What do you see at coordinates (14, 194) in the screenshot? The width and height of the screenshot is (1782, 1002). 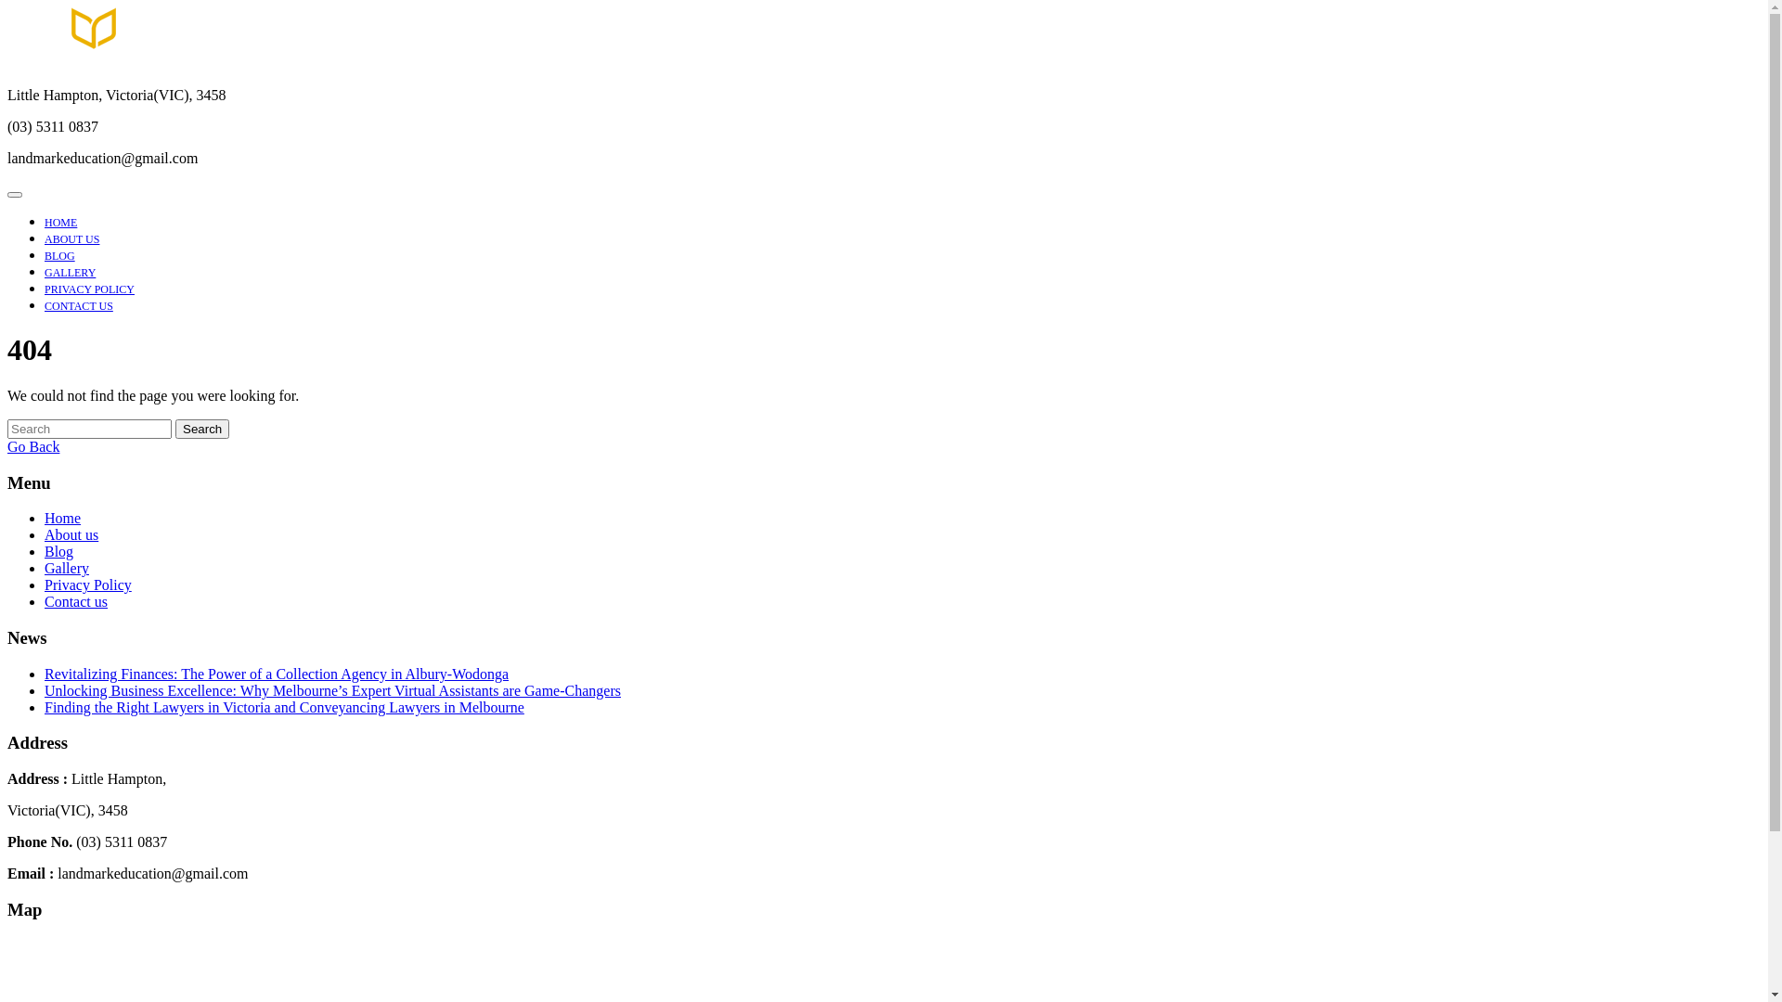 I see `'Open Menu'` at bounding box center [14, 194].